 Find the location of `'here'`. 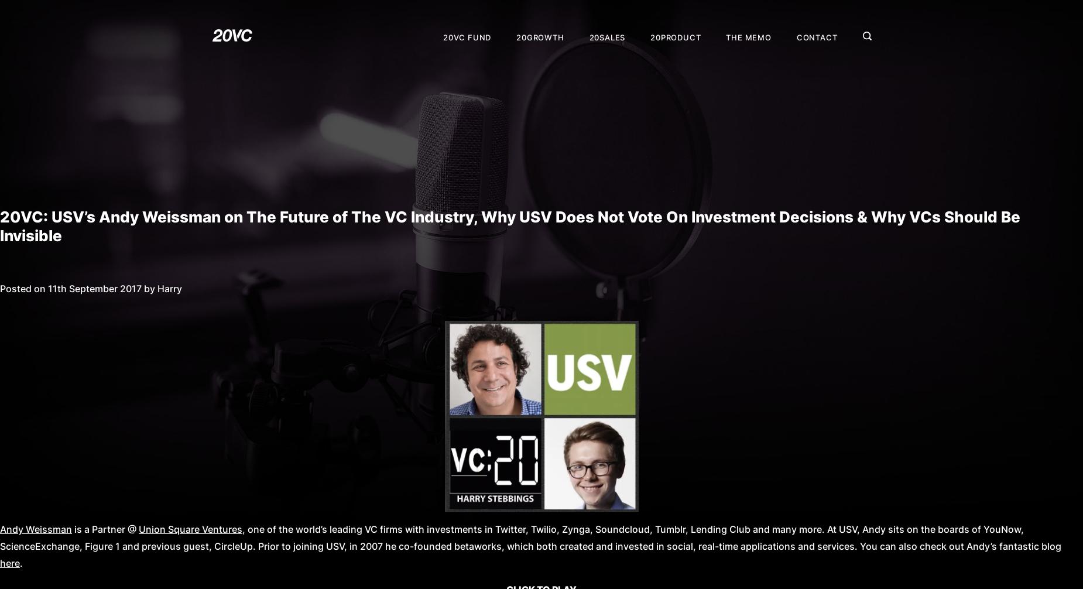

'here' is located at coordinates (9, 563).